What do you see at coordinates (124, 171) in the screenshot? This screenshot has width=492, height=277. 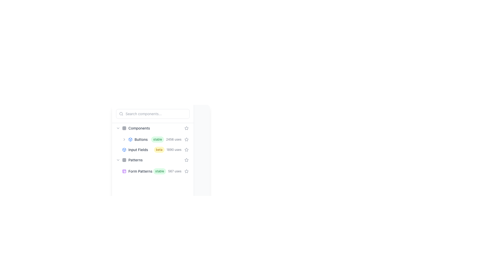 I see `the small purple-bordered square icon located to the left of the 'Form Patterns' text to interact with or expand the section` at bounding box center [124, 171].